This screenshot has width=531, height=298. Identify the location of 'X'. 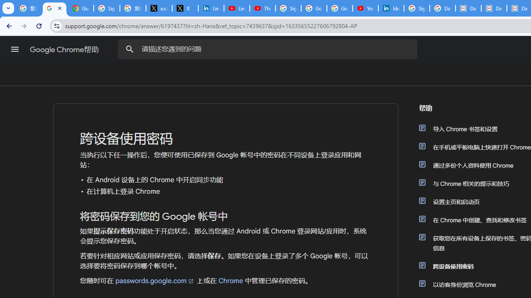
(185, 8).